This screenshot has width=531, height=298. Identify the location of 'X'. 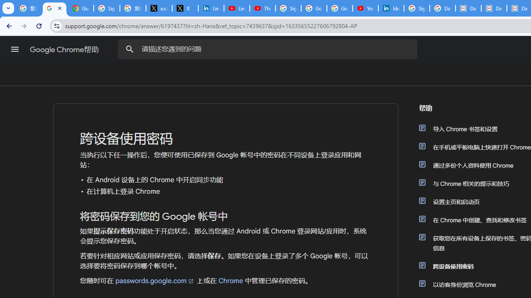
(185, 8).